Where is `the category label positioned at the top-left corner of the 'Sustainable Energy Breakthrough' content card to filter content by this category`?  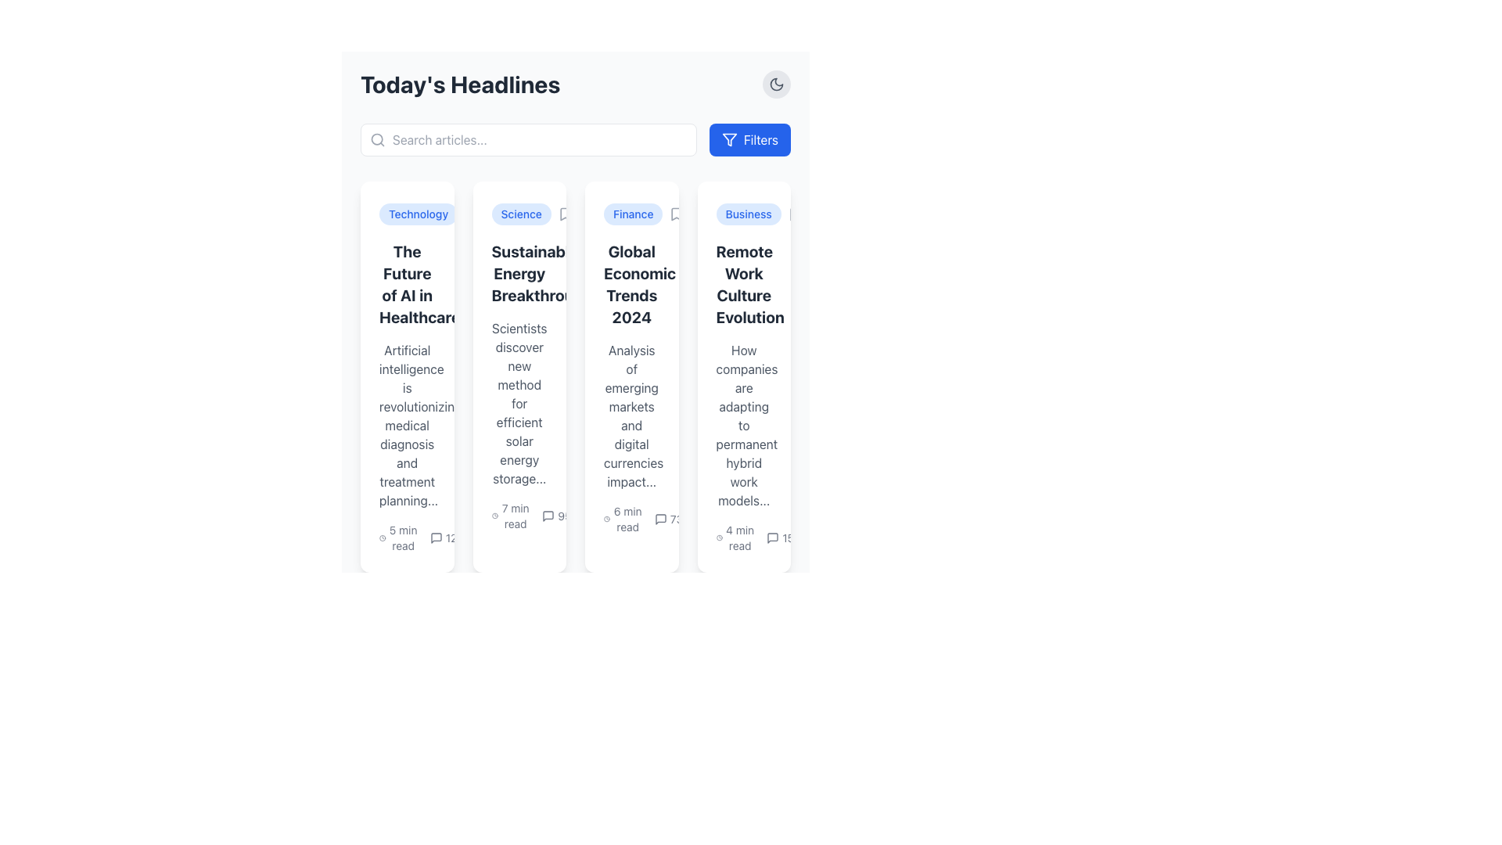
the category label positioned at the top-left corner of the 'Sustainable Energy Breakthrough' content card to filter content by this category is located at coordinates (519, 214).